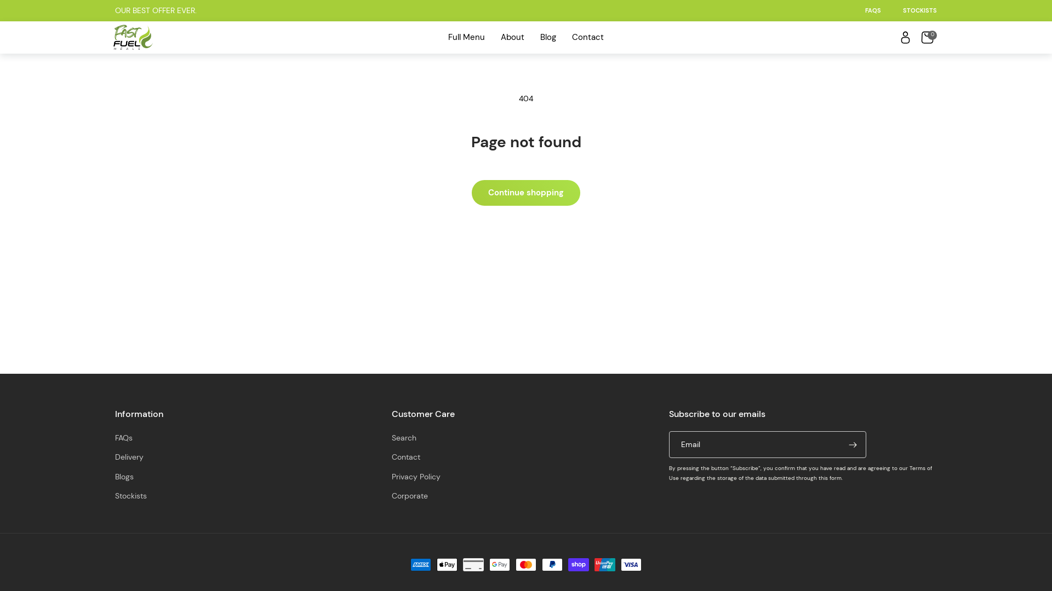 The width and height of the screenshot is (1052, 591). Describe the element at coordinates (526, 192) in the screenshot. I see `'Continue shopping'` at that location.